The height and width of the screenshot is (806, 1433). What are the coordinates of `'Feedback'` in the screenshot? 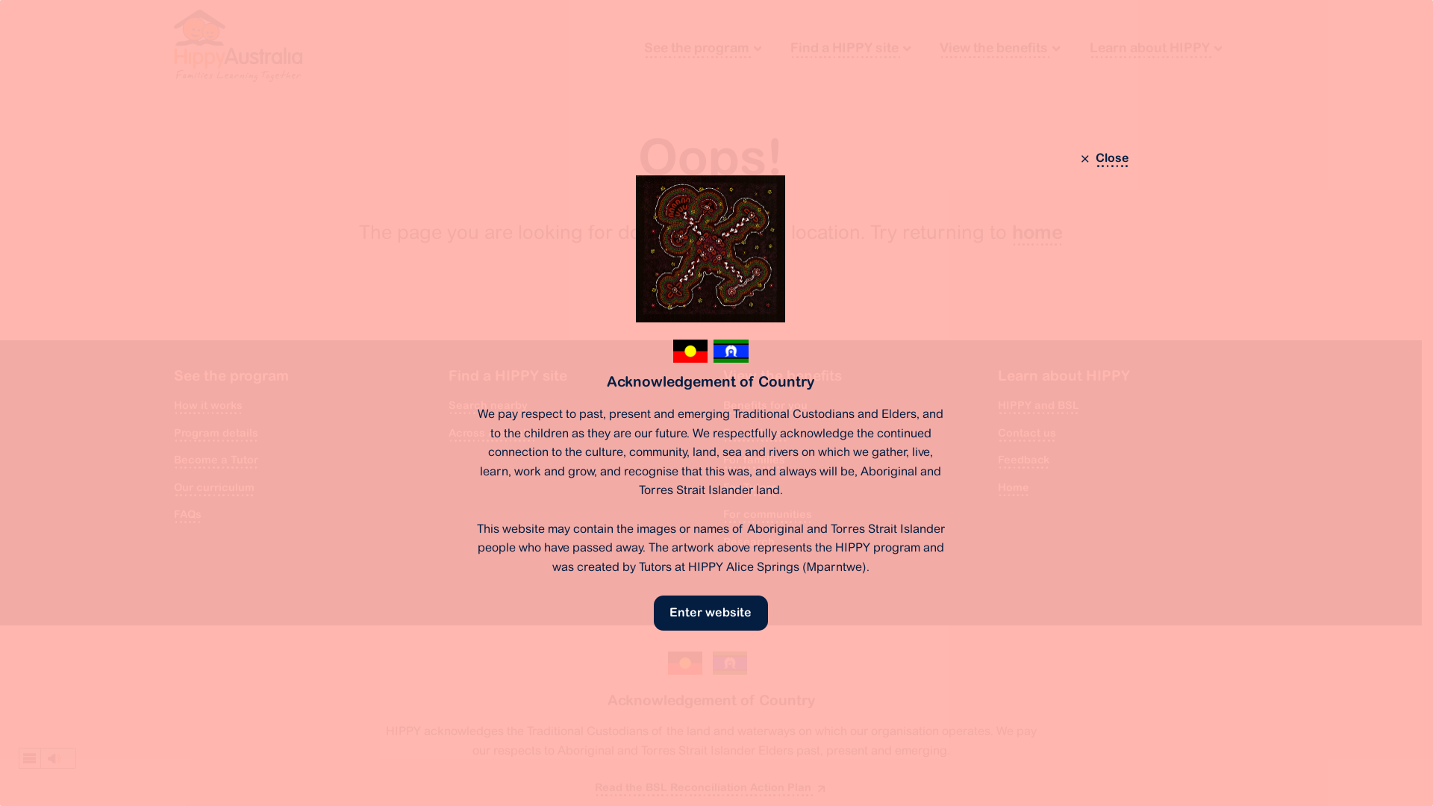 It's located at (1022, 460).